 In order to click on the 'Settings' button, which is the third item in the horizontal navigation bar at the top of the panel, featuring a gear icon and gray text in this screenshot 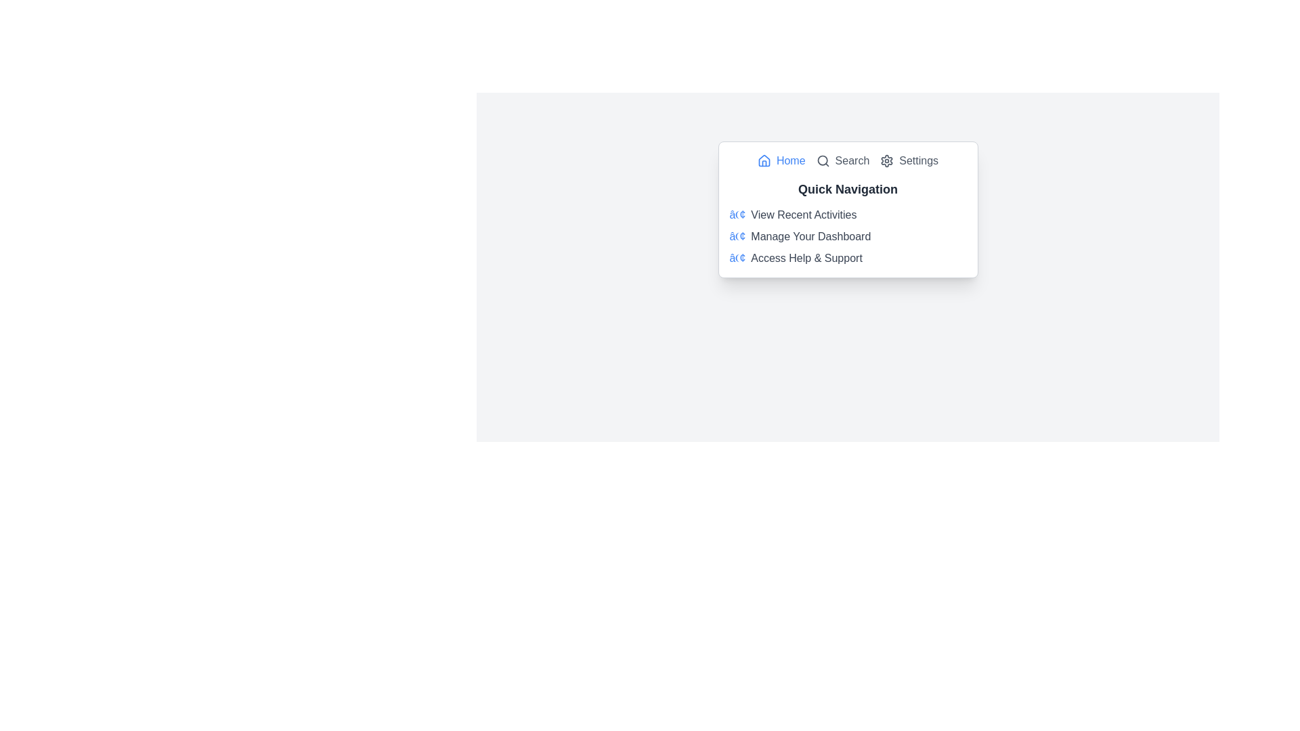, I will do `click(909, 160)`.